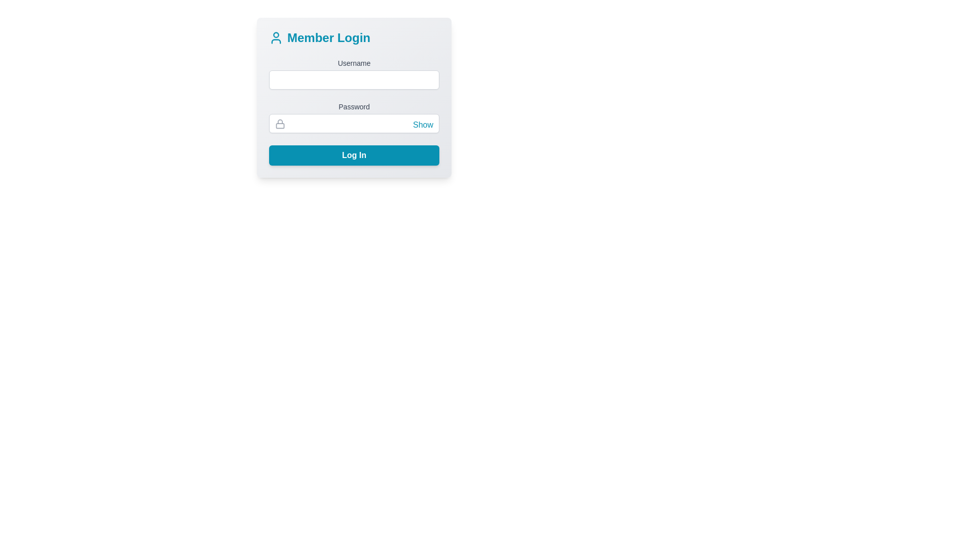  I want to click on the label that describes the username input field in the login form, which is positioned above the input field and centered horizontally, so click(354, 63).